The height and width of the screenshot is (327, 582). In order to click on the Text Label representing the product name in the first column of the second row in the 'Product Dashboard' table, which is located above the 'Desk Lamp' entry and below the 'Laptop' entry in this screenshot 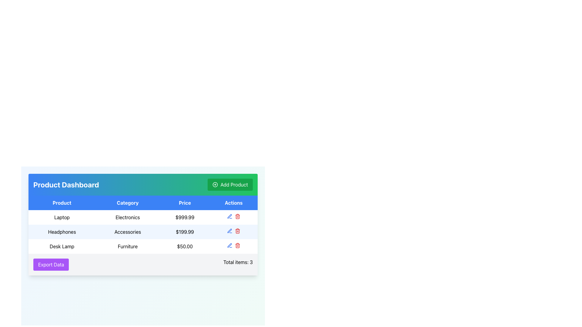, I will do `click(62, 232)`.